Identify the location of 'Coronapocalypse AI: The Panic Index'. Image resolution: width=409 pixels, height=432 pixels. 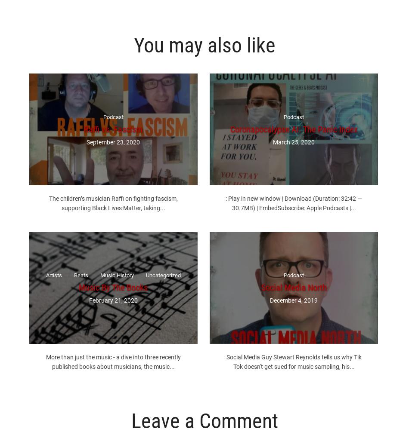
(294, 128).